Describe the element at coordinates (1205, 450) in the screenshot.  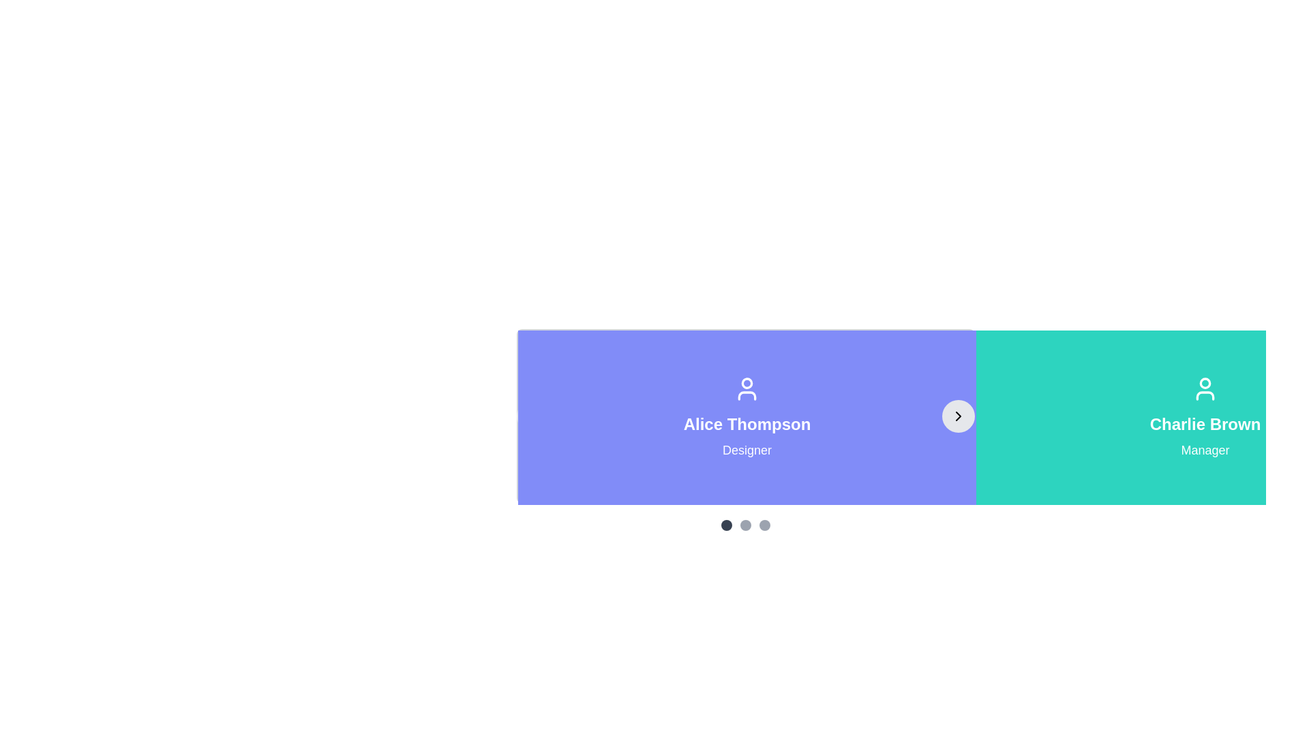
I see `the Static text label displaying 'Manager' located within the turquoise-colored panel below 'Charlie Brown'` at that location.